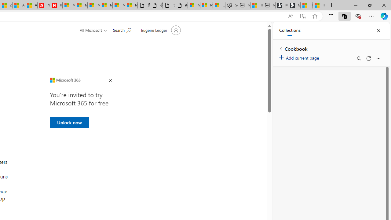 The height and width of the screenshot is (220, 391). What do you see at coordinates (56, 5) in the screenshot?
I see `'Illness news & latest pictures from Newsweek.com'` at bounding box center [56, 5].